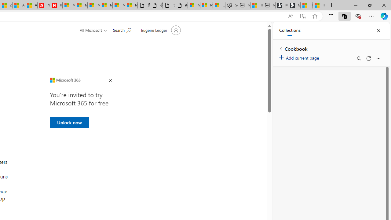 The height and width of the screenshot is (220, 391). What do you see at coordinates (56, 5) in the screenshot?
I see `'Illness news & latest pictures from Newsweek.com'` at bounding box center [56, 5].